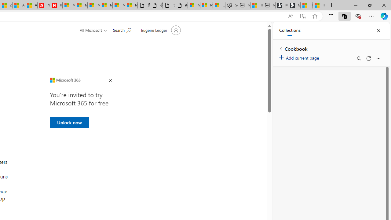 The height and width of the screenshot is (220, 391). What do you see at coordinates (56, 5) in the screenshot?
I see `'Illness news & latest pictures from Newsweek.com'` at bounding box center [56, 5].